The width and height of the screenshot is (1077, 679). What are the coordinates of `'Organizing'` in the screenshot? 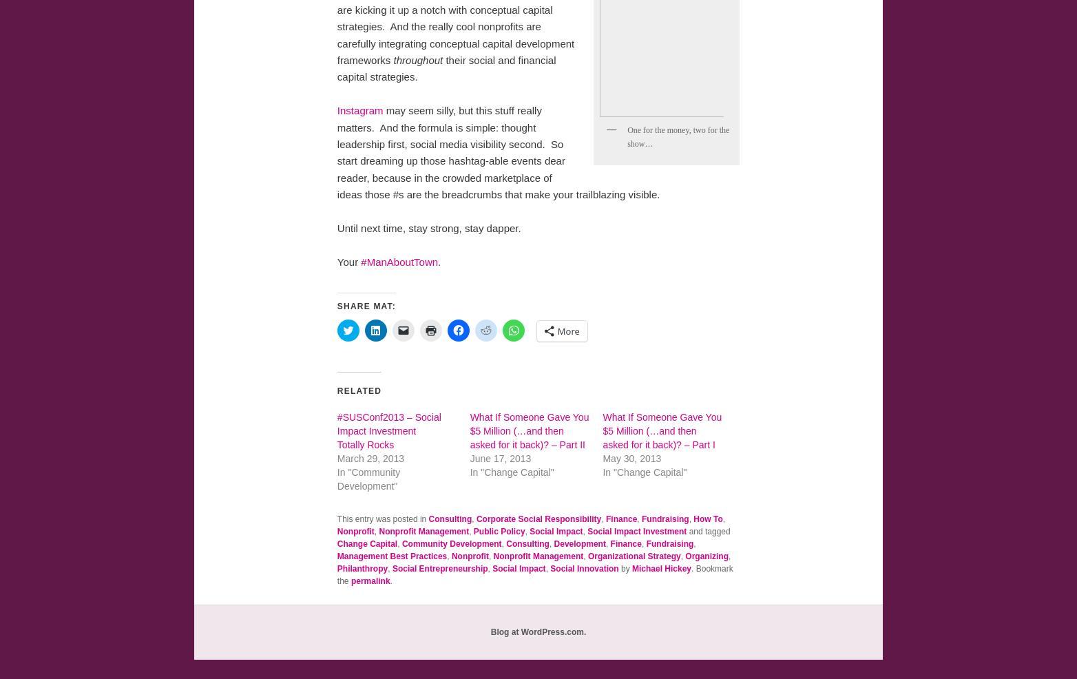 It's located at (705, 556).